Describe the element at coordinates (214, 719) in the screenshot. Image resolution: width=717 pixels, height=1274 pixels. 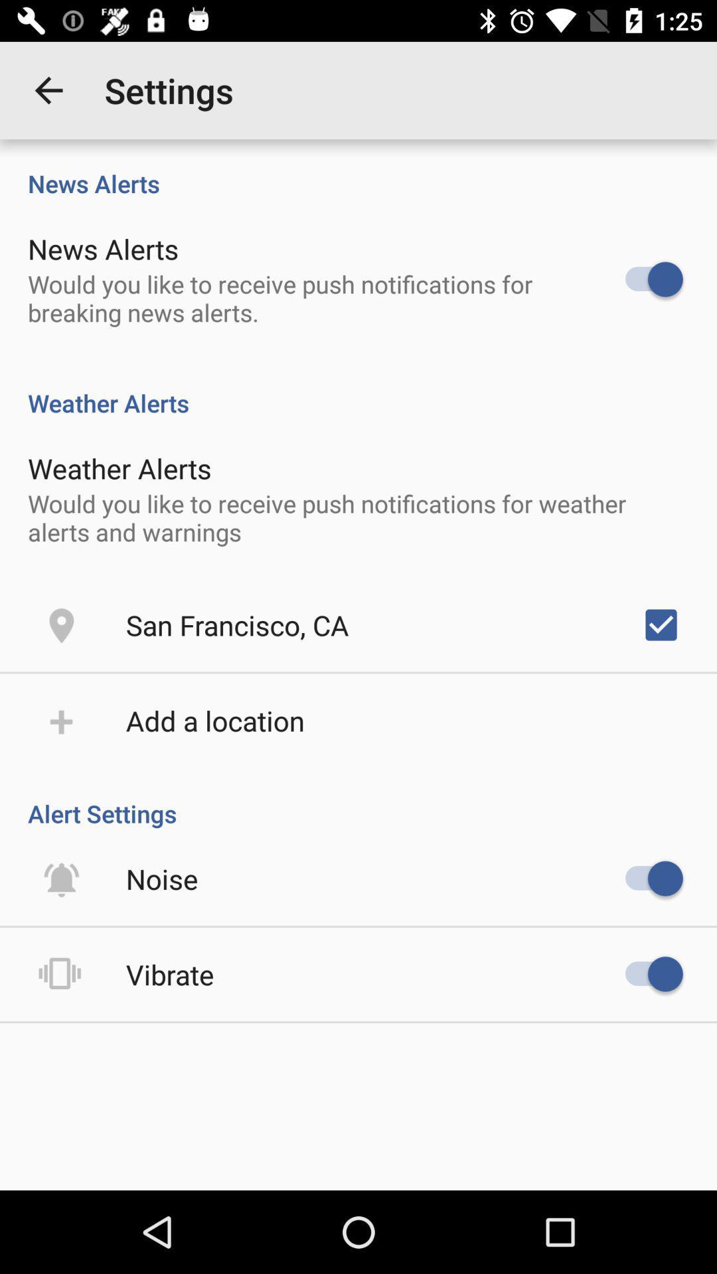
I see `item below san francisco, ca icon` at that location.